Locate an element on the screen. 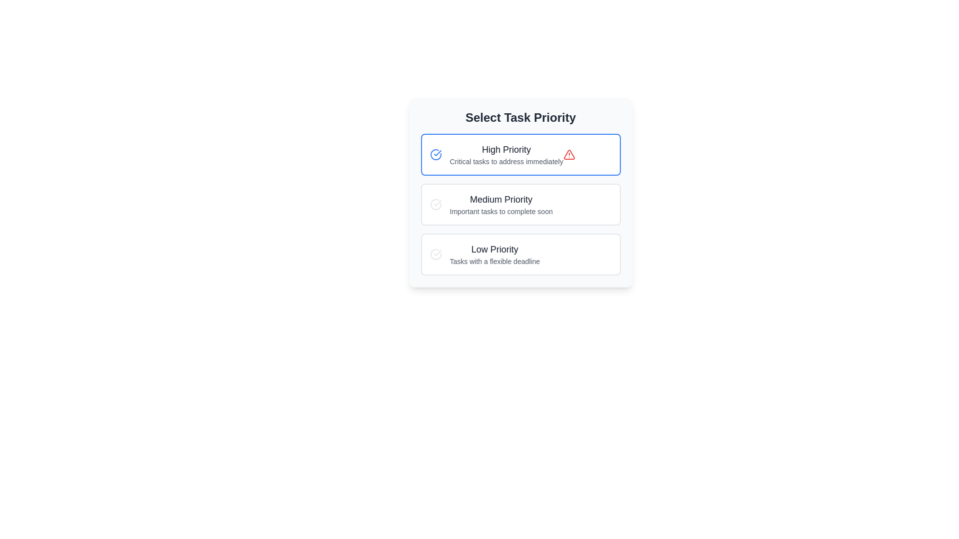  the descriptive Text label located below the 'High Priority' heading in the task selection interface is located at coordinates (506, 161).